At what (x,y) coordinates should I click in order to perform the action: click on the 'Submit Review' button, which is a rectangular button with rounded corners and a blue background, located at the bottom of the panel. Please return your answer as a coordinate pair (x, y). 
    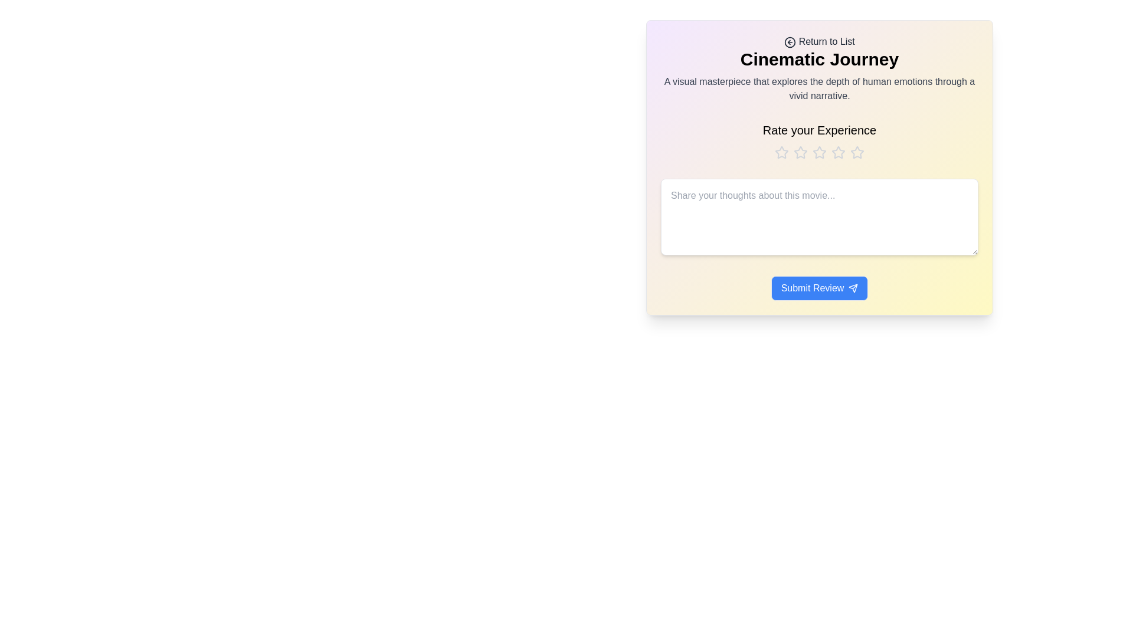
    Looking at the image, I should click on (818, 284).